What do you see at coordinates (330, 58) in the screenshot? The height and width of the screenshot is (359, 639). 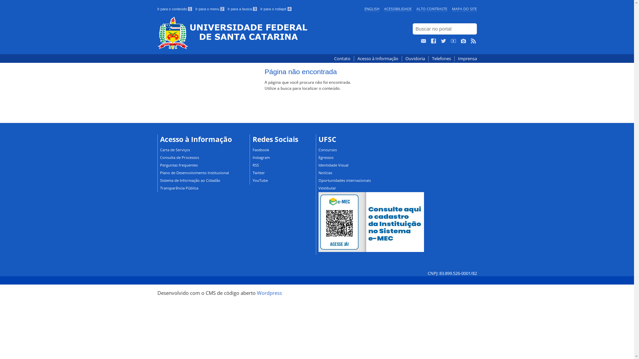 I see `'Contato'` at bounding box center [330, 58].